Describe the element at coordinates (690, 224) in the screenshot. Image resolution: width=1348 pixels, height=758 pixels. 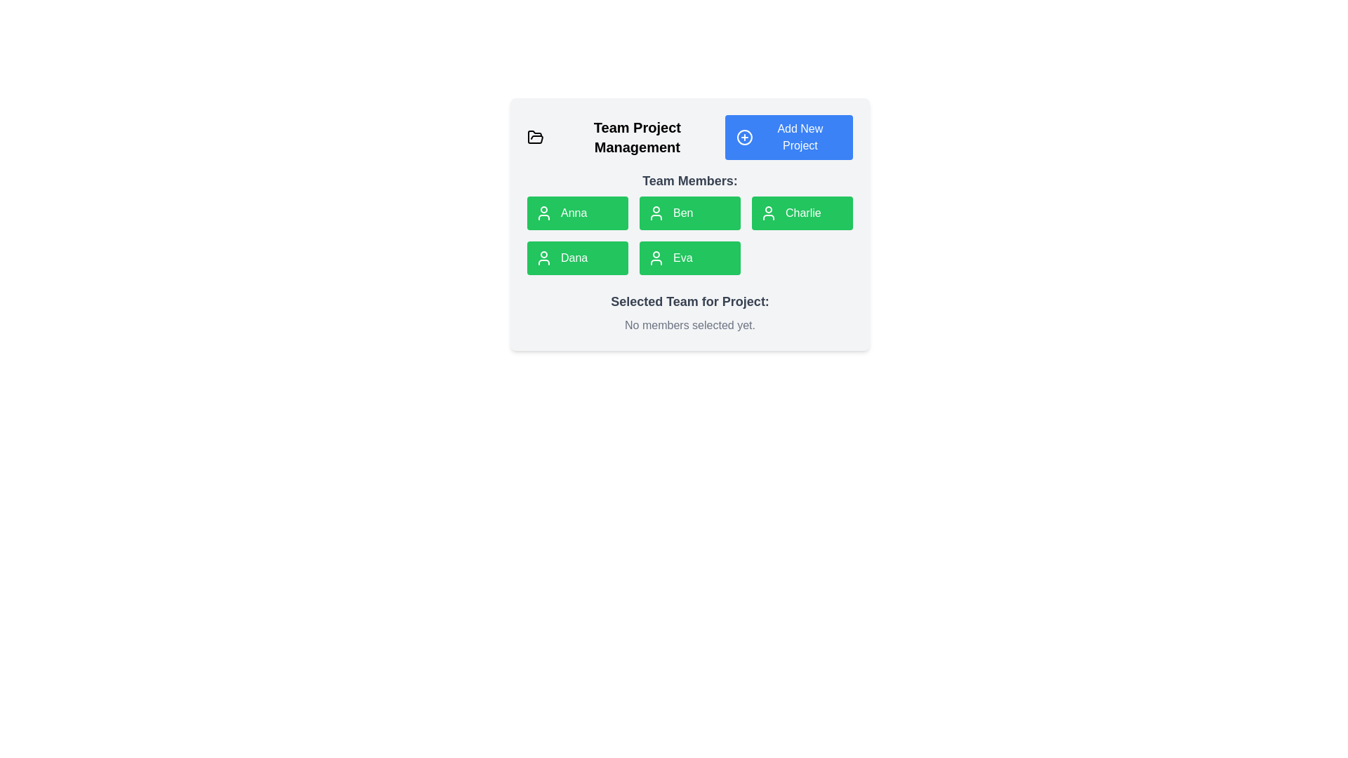
I see `the A button-like element in the 'Team Members' section` at that location.